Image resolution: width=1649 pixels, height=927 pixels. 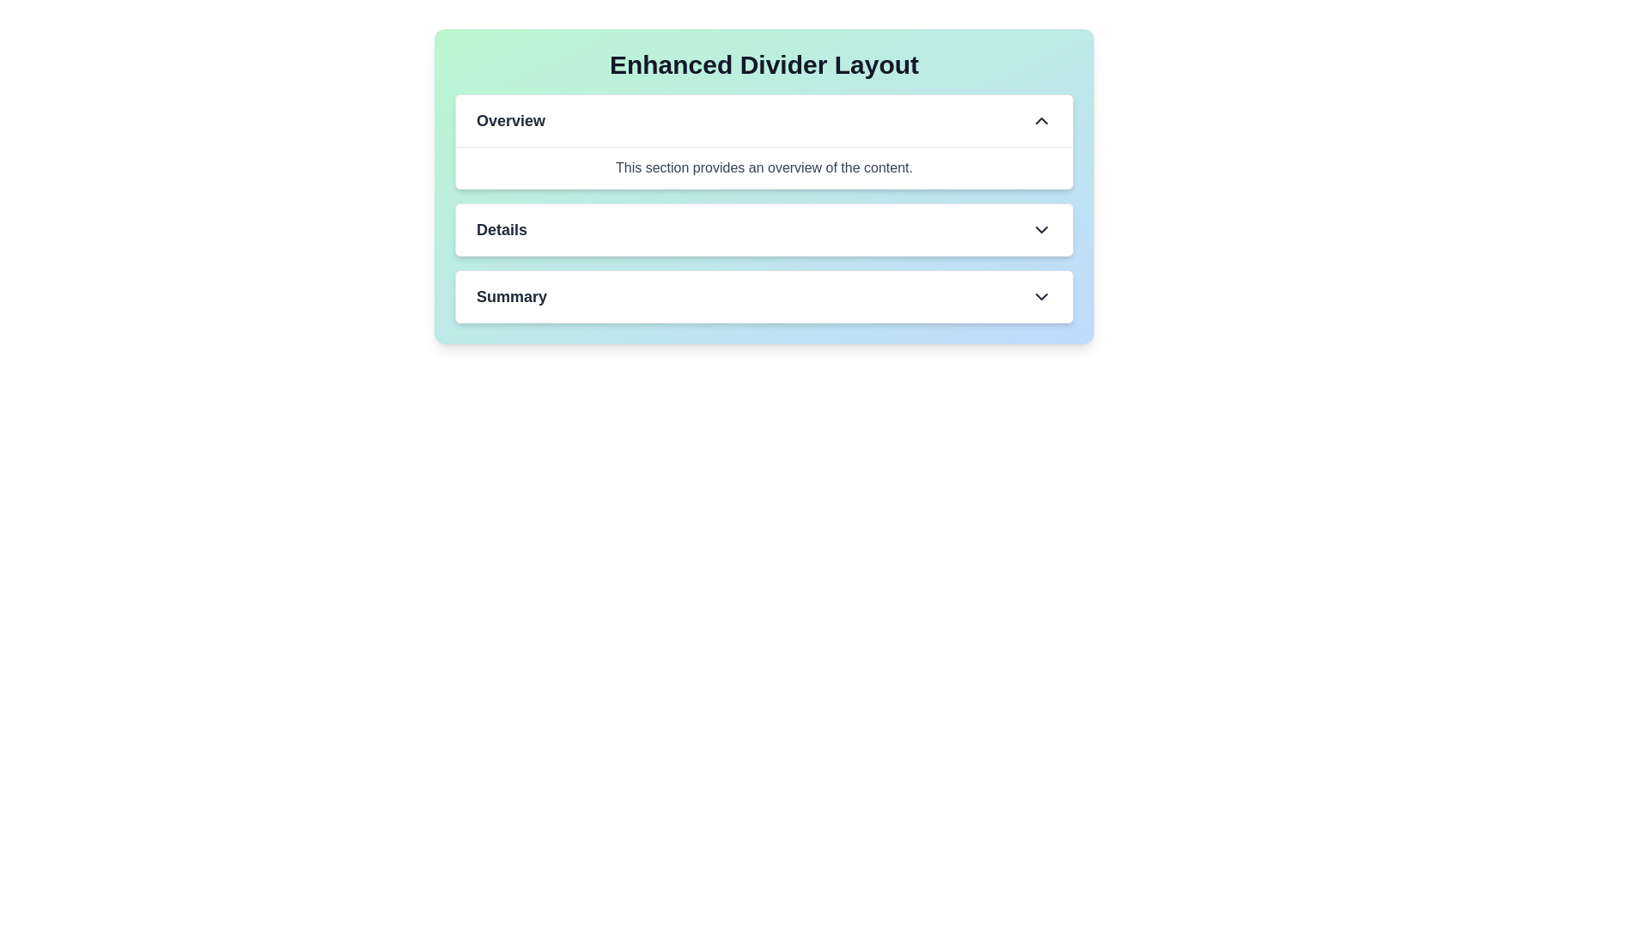 What do you see at coordinates (1041, 120) in the screenshot?
I see `the minimalistic upward-pointing chevron arrow icon located in the upper-right corner of the 'Overview' section` at bounding box center [1041, 120].